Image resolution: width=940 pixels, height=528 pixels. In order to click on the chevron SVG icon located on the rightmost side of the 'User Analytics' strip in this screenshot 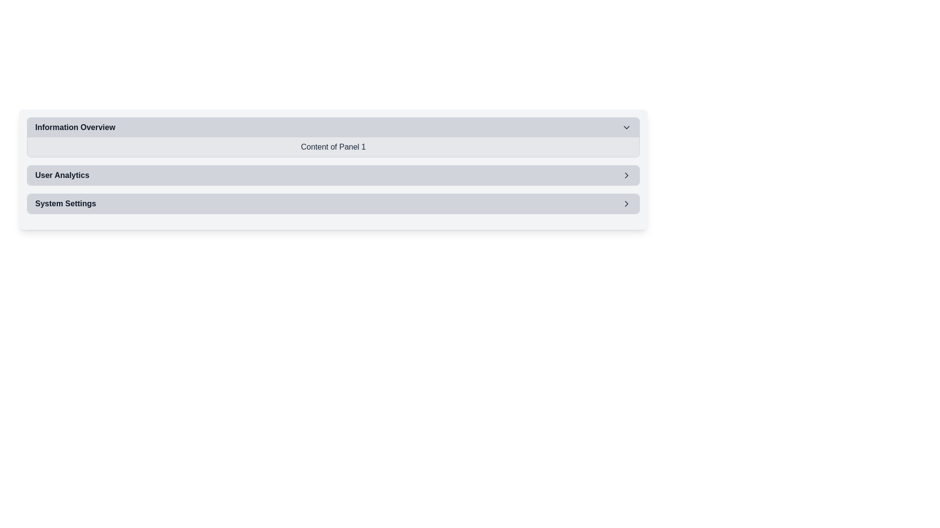, I will do `click(627, 175)`.